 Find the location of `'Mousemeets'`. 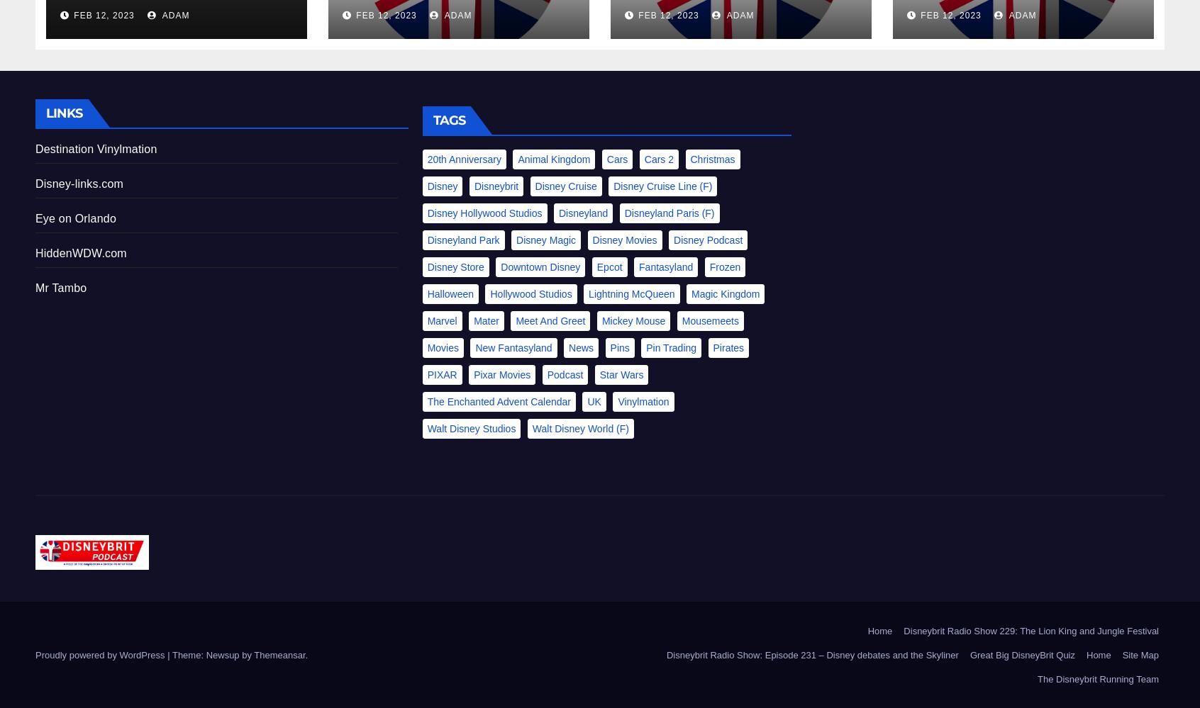

'Mousemeets' is located at coordinates (709, 320).